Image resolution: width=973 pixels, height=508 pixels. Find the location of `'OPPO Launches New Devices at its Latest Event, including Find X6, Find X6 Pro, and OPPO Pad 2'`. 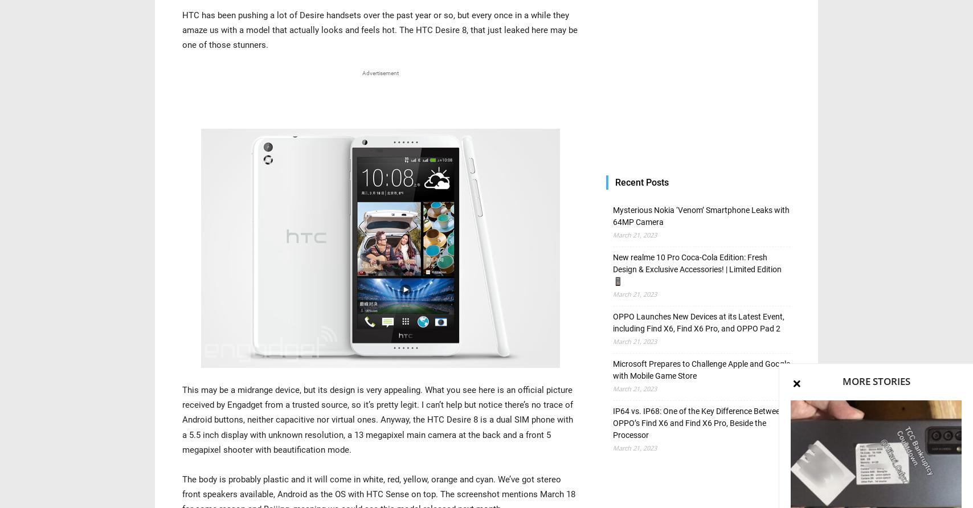

'OPPO Launches New Devices at its Latest Event, including Find X6, Find X6 Pro, and OPPO Pad 2' is located at coordinates (698, 322).